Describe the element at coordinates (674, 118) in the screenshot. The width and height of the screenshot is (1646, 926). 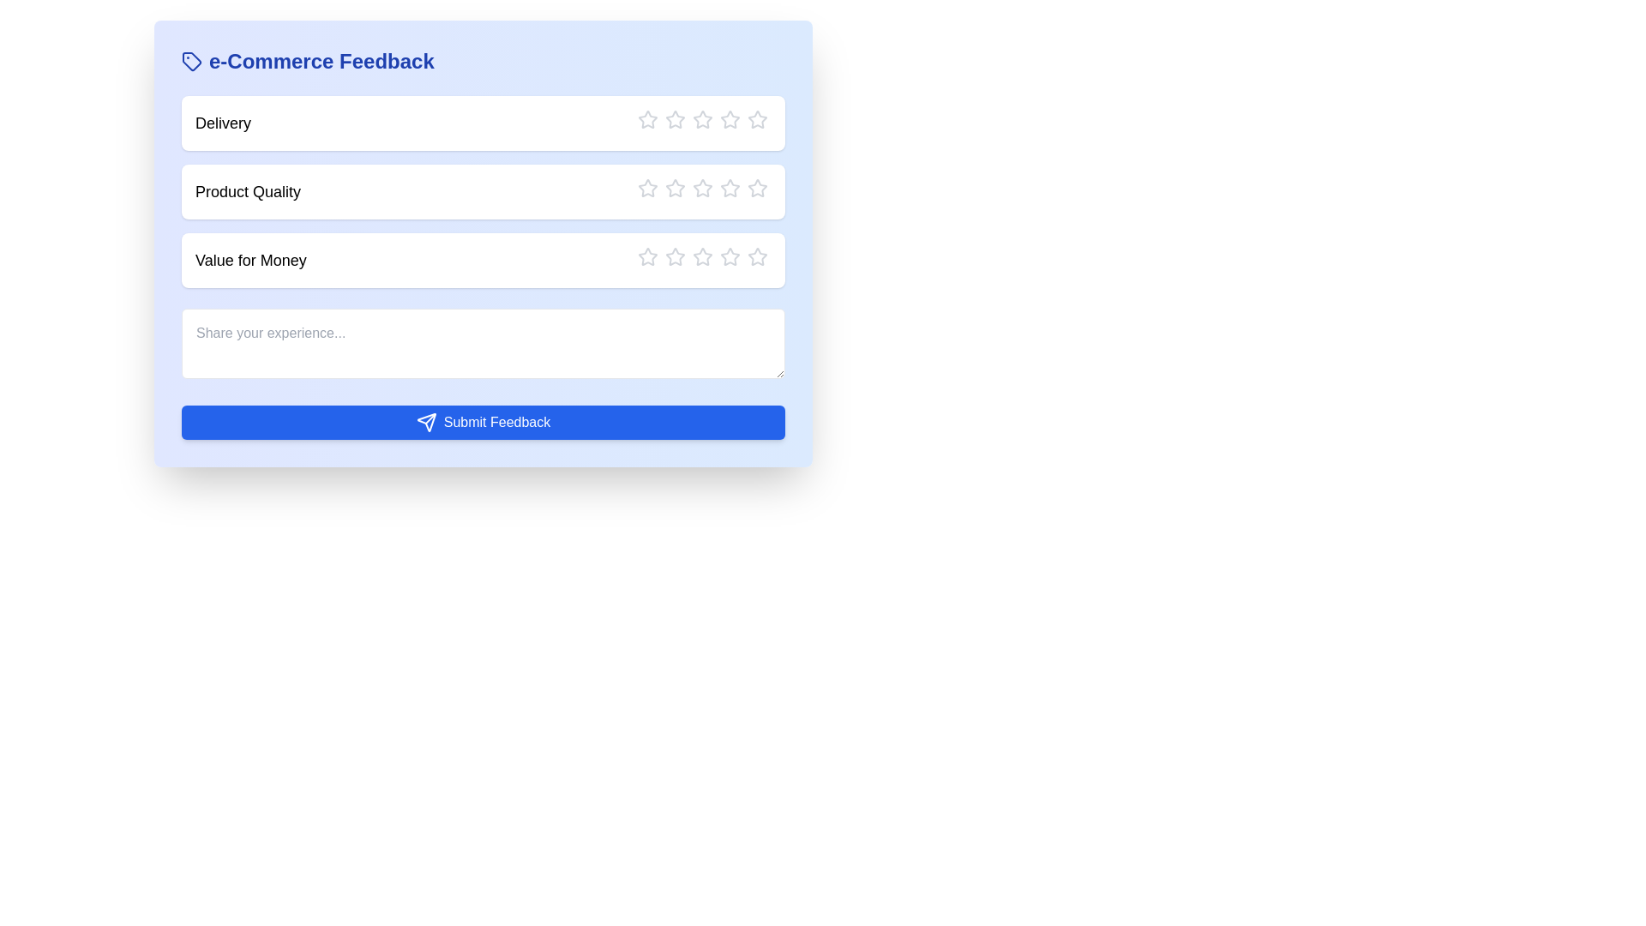
I see `the rating to 2 stars by clicking the corresponding star` at that location.